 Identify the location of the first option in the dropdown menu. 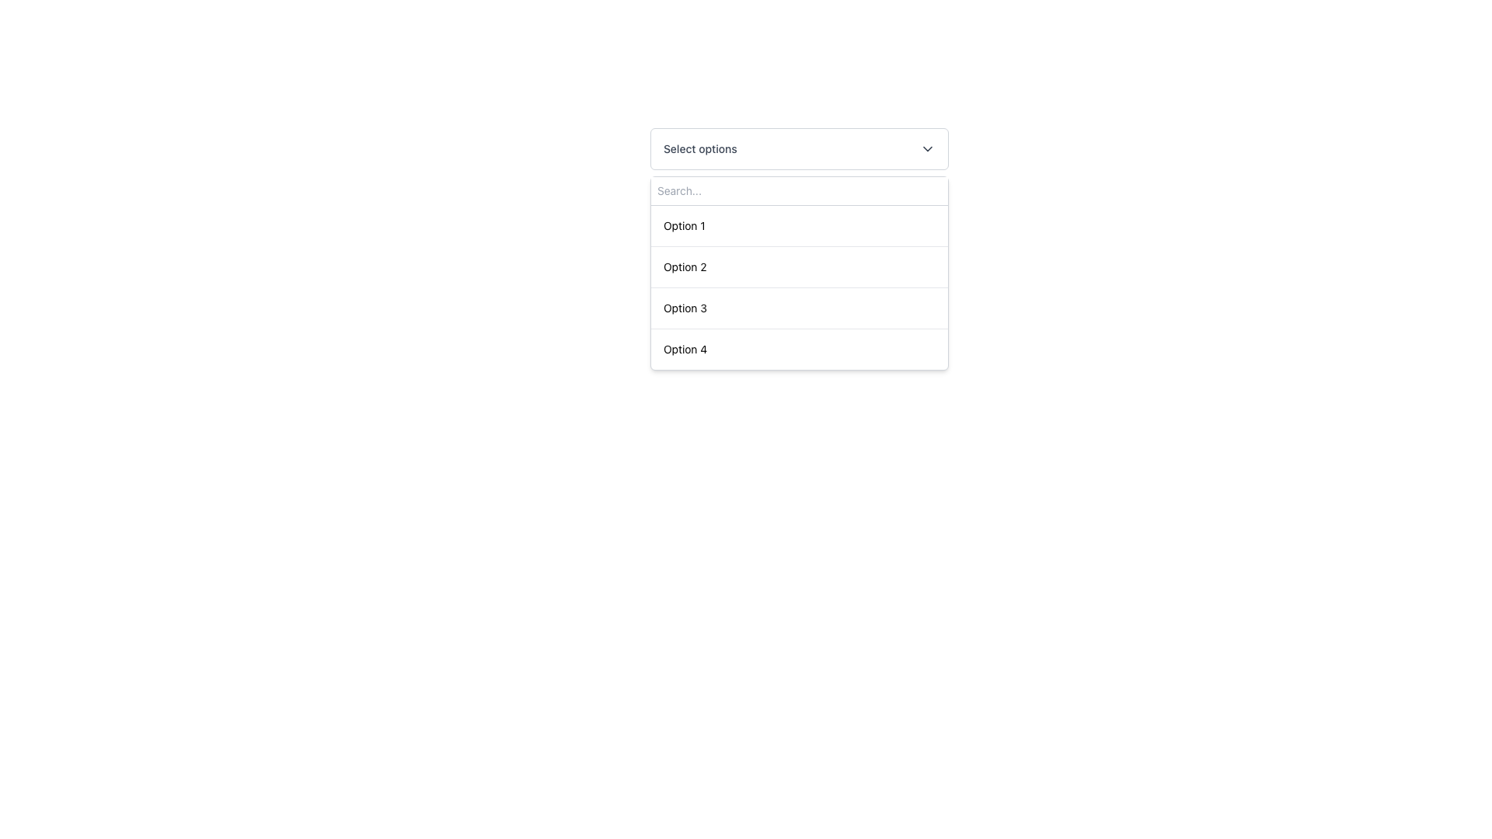
(684, 225).